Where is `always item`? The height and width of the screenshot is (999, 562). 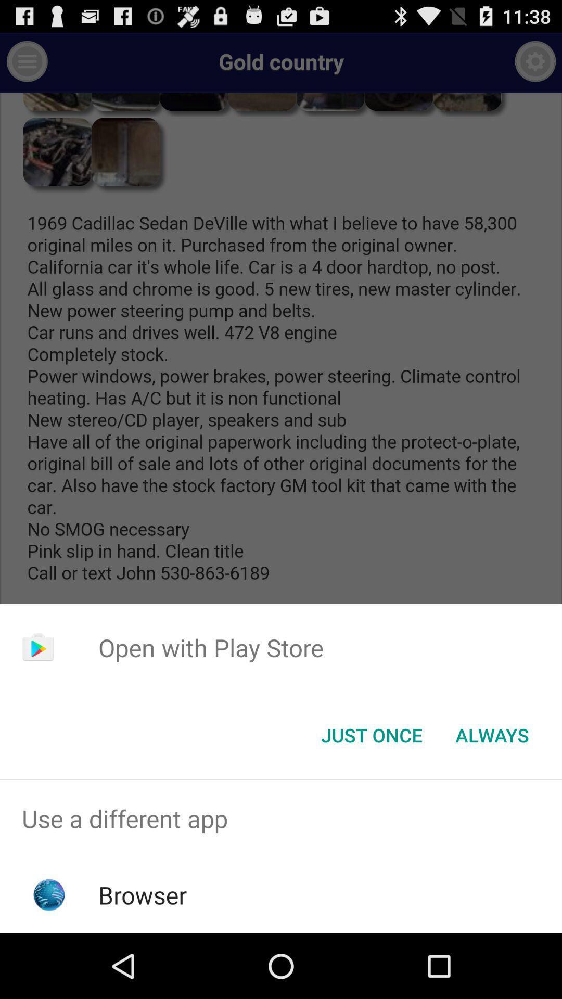
always item is located at coordinates (492, 734).